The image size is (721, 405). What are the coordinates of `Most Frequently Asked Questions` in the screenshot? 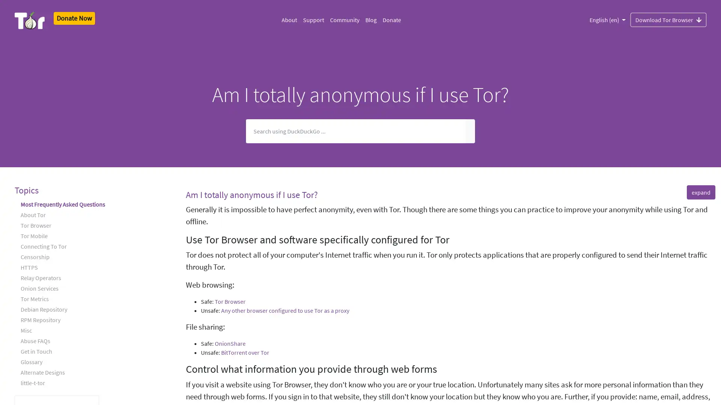 It's located at (93, 204).